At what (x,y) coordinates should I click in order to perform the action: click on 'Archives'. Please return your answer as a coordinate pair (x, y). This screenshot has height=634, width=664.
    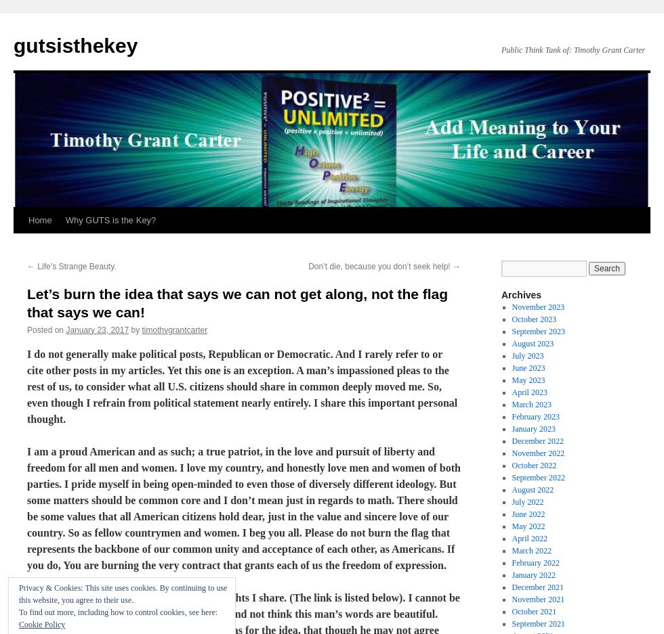
    Looking at the image, I should click on (521, 294).